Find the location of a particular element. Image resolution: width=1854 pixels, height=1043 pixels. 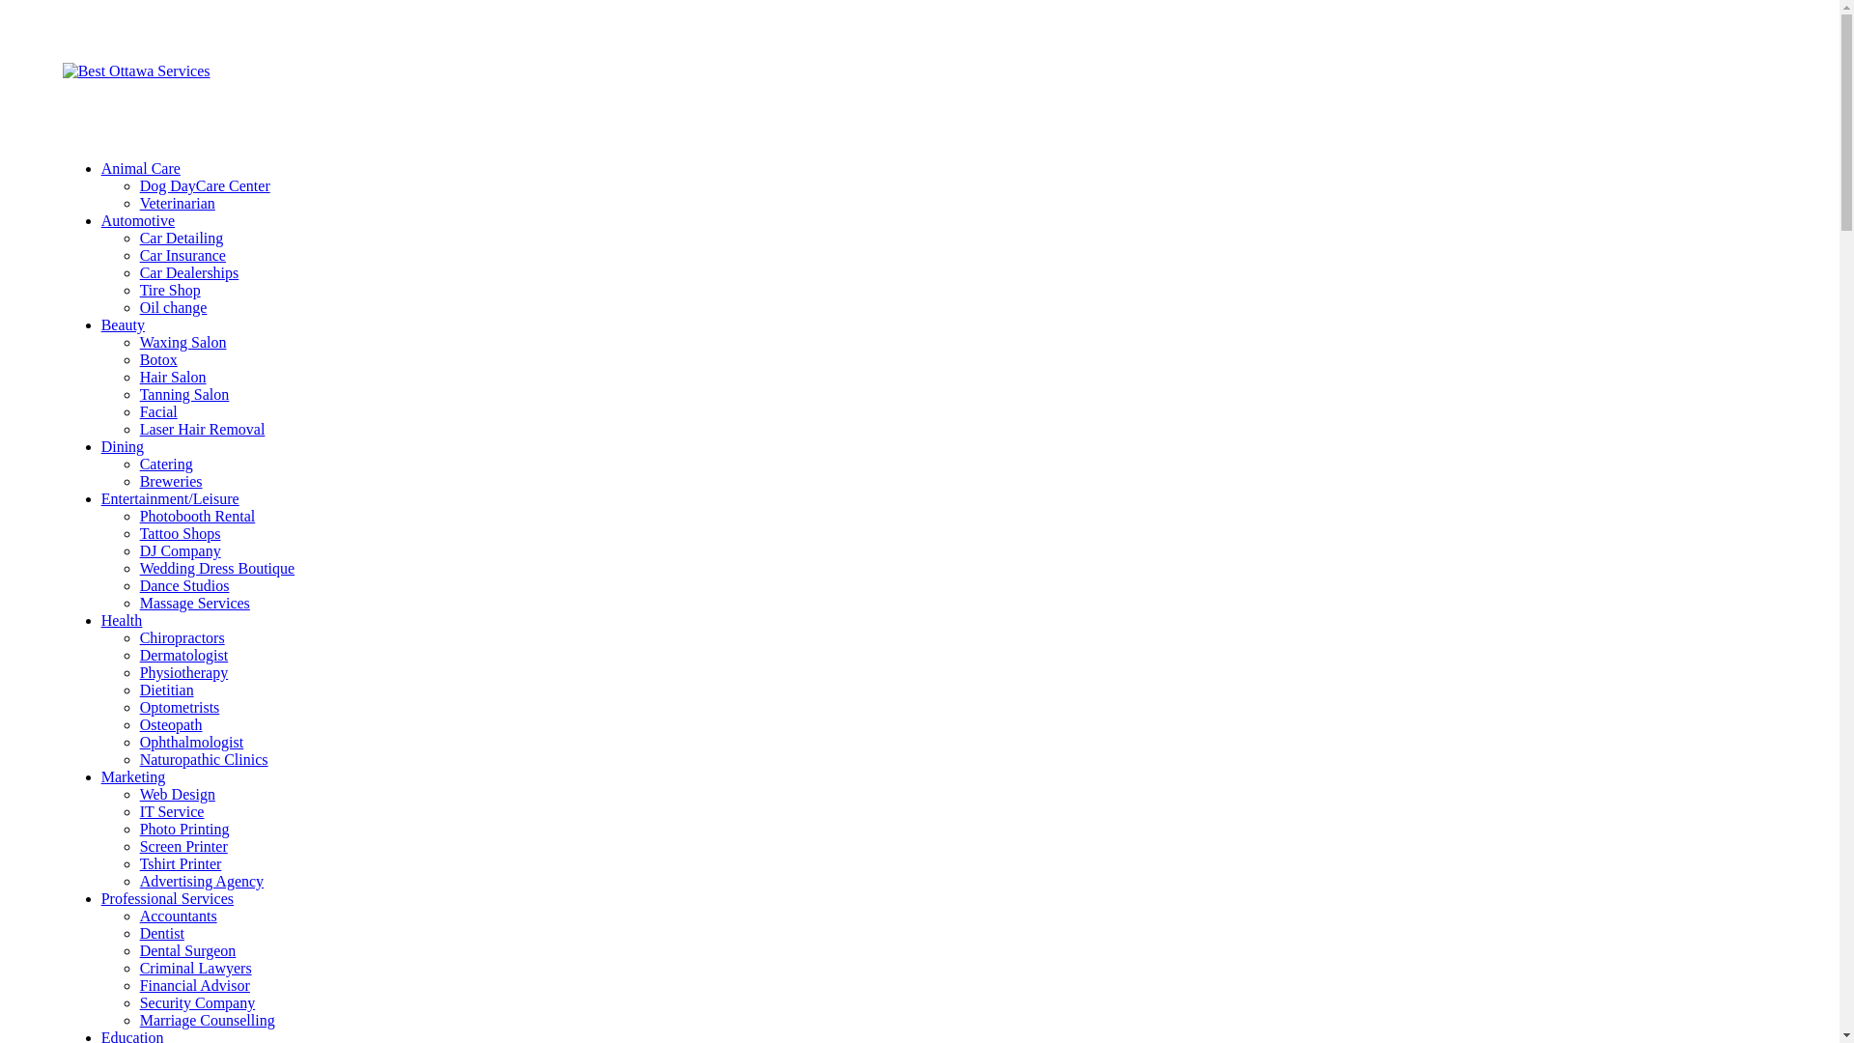

'Tattoo Shops' is located at coordinates (181, 533).